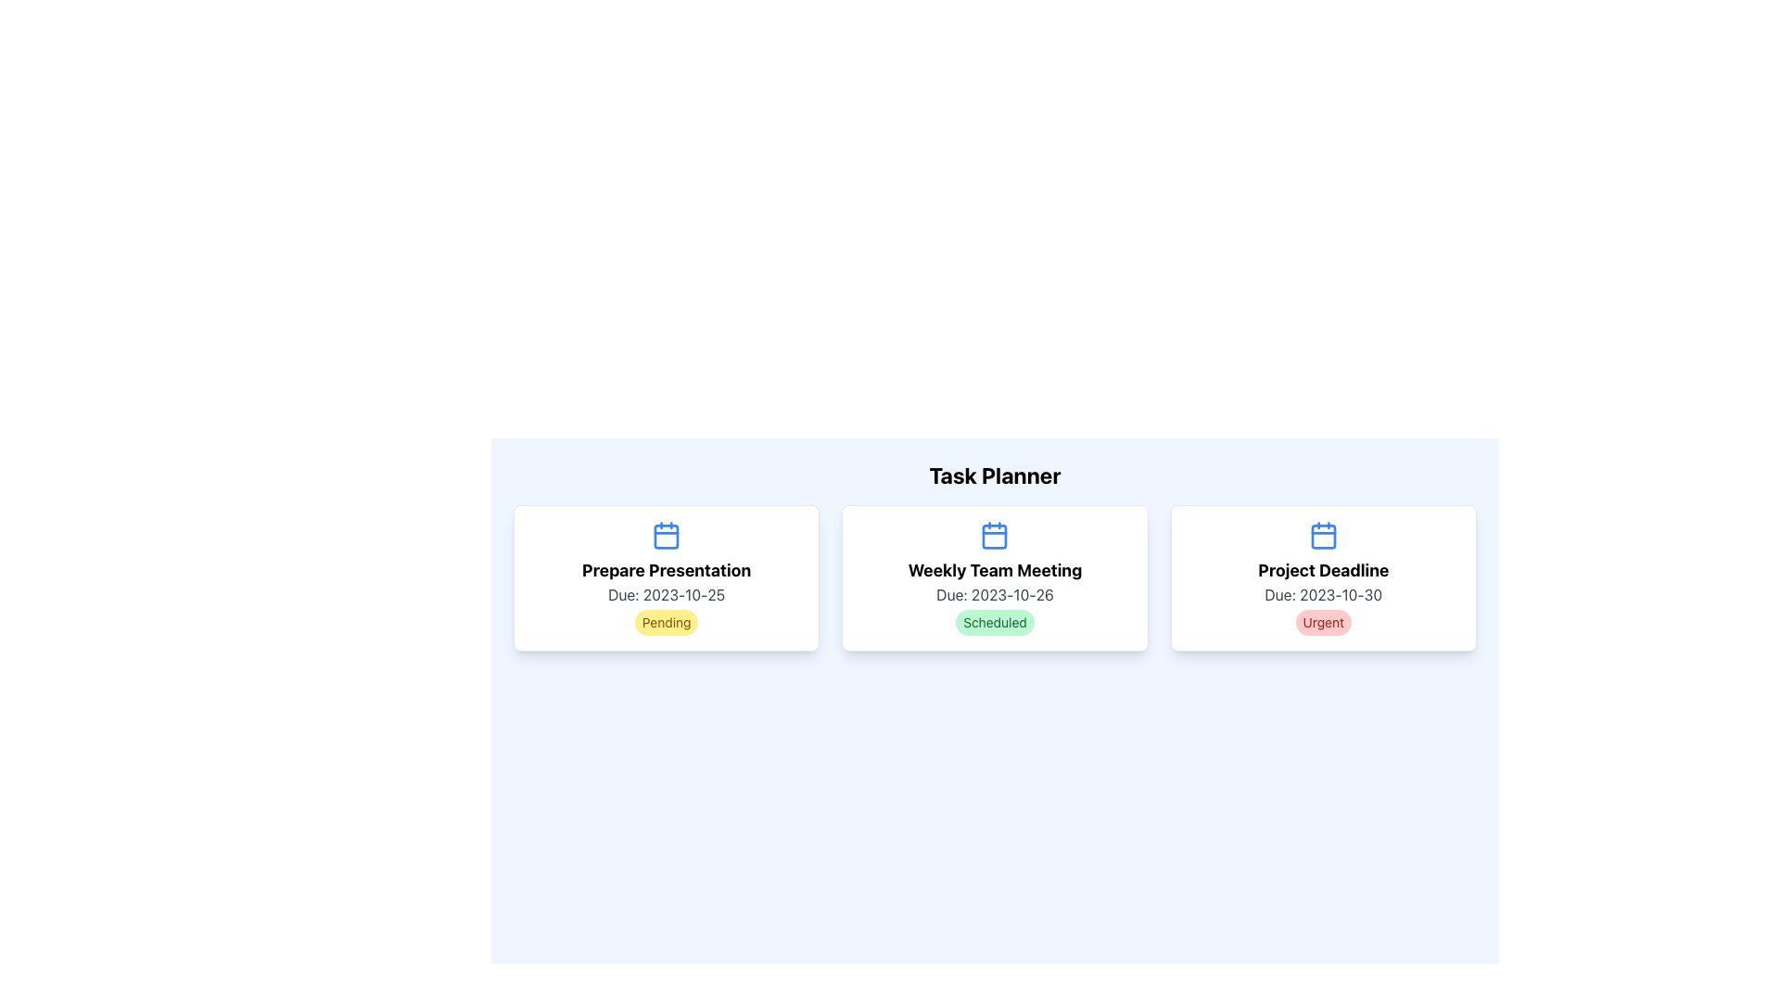  I want to click on the 'Scheduled' status label located at the bottom of the 'Weekly Team Meeting' card, so click(994, 622).